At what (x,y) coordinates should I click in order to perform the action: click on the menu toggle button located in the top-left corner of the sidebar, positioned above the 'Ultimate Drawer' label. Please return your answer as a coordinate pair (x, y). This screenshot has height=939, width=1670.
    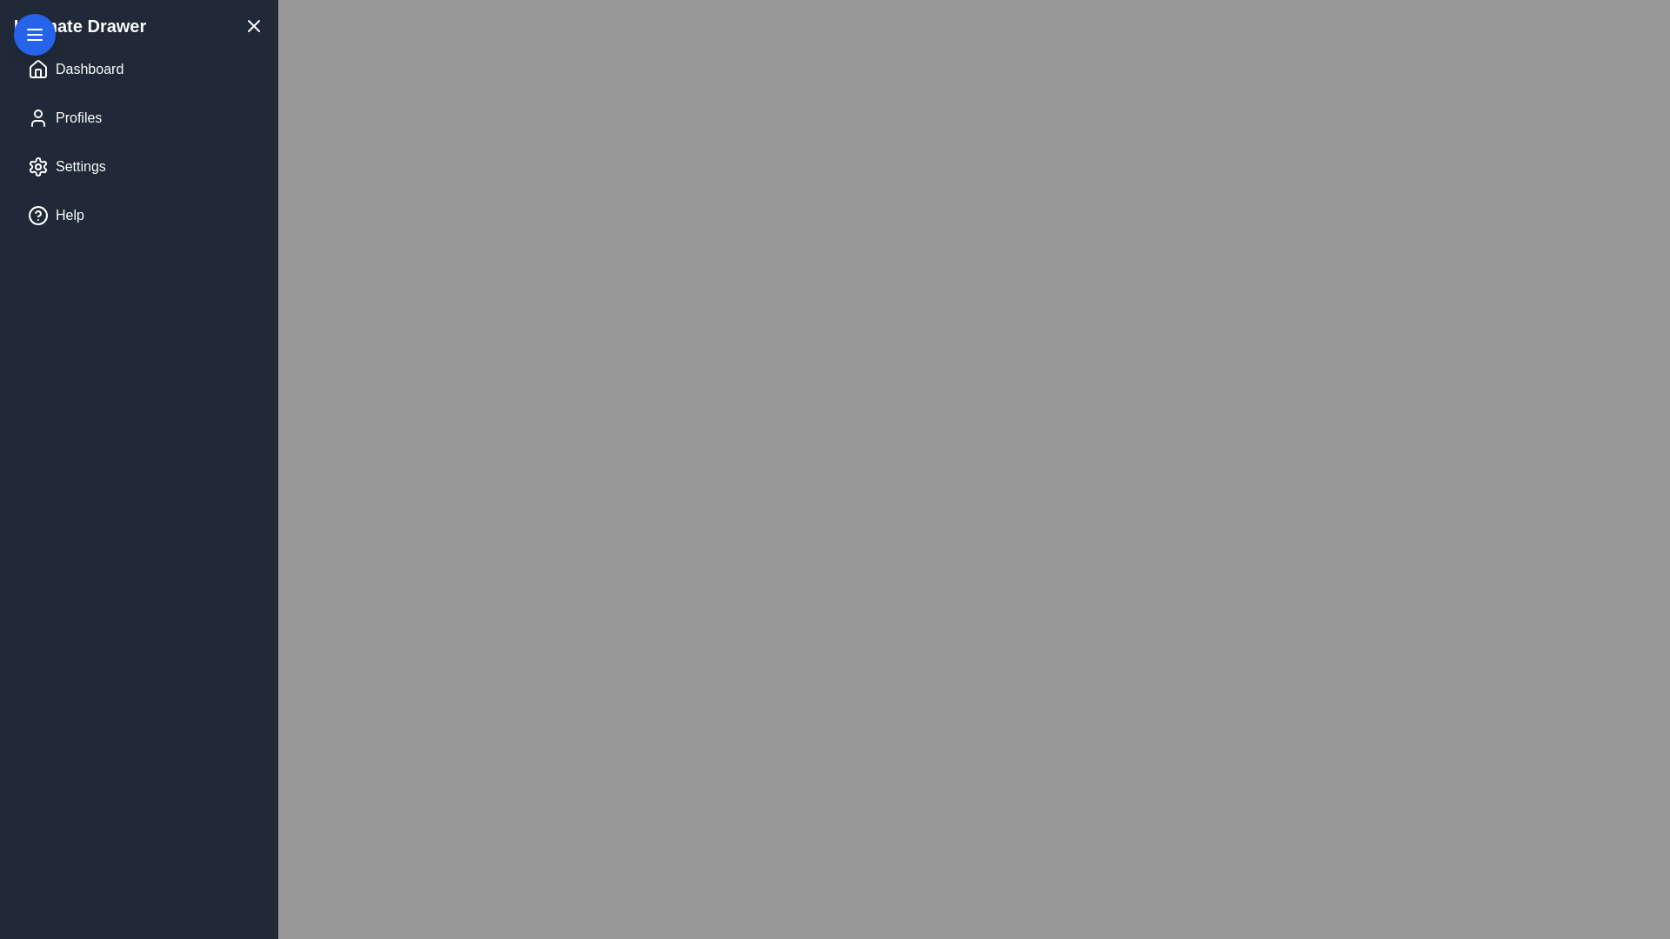
    Looking at the image, I should click on (34, 34).